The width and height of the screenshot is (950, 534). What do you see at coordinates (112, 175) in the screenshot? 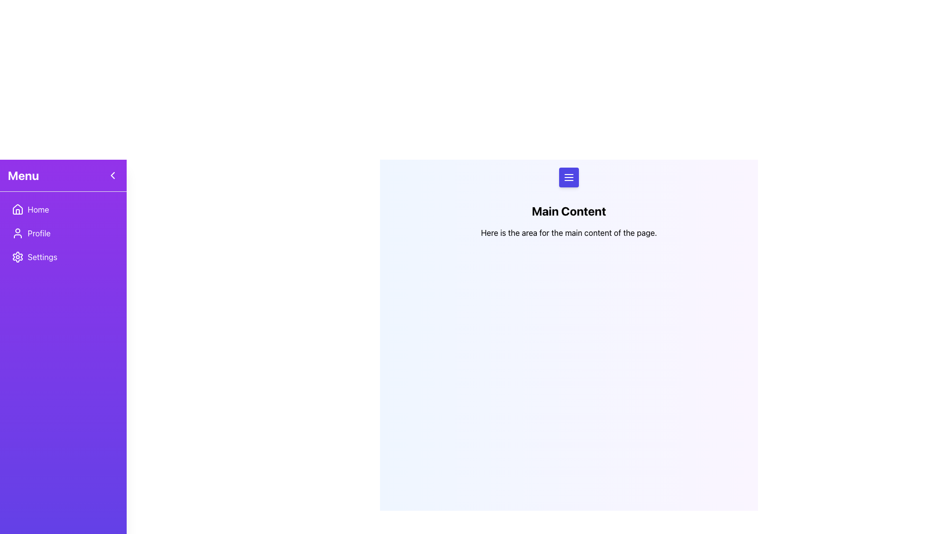
I see `the sidebar navigation icon located at the top-right corner` at bounding box center [112, 175].